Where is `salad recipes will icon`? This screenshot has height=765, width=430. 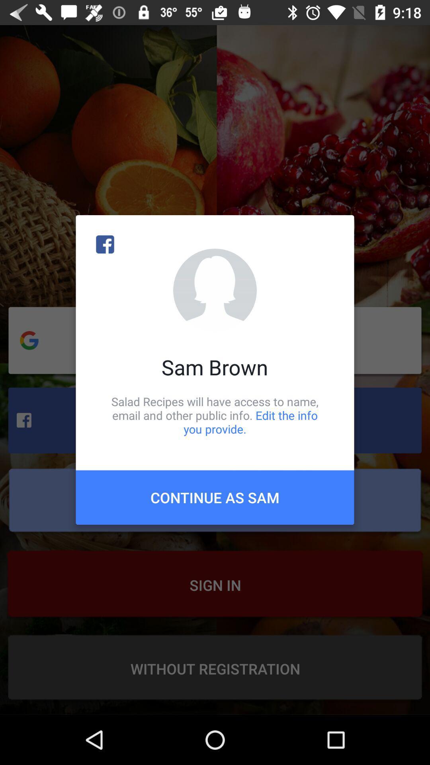
salad recipes will icon is located at coordinates (215, 415).